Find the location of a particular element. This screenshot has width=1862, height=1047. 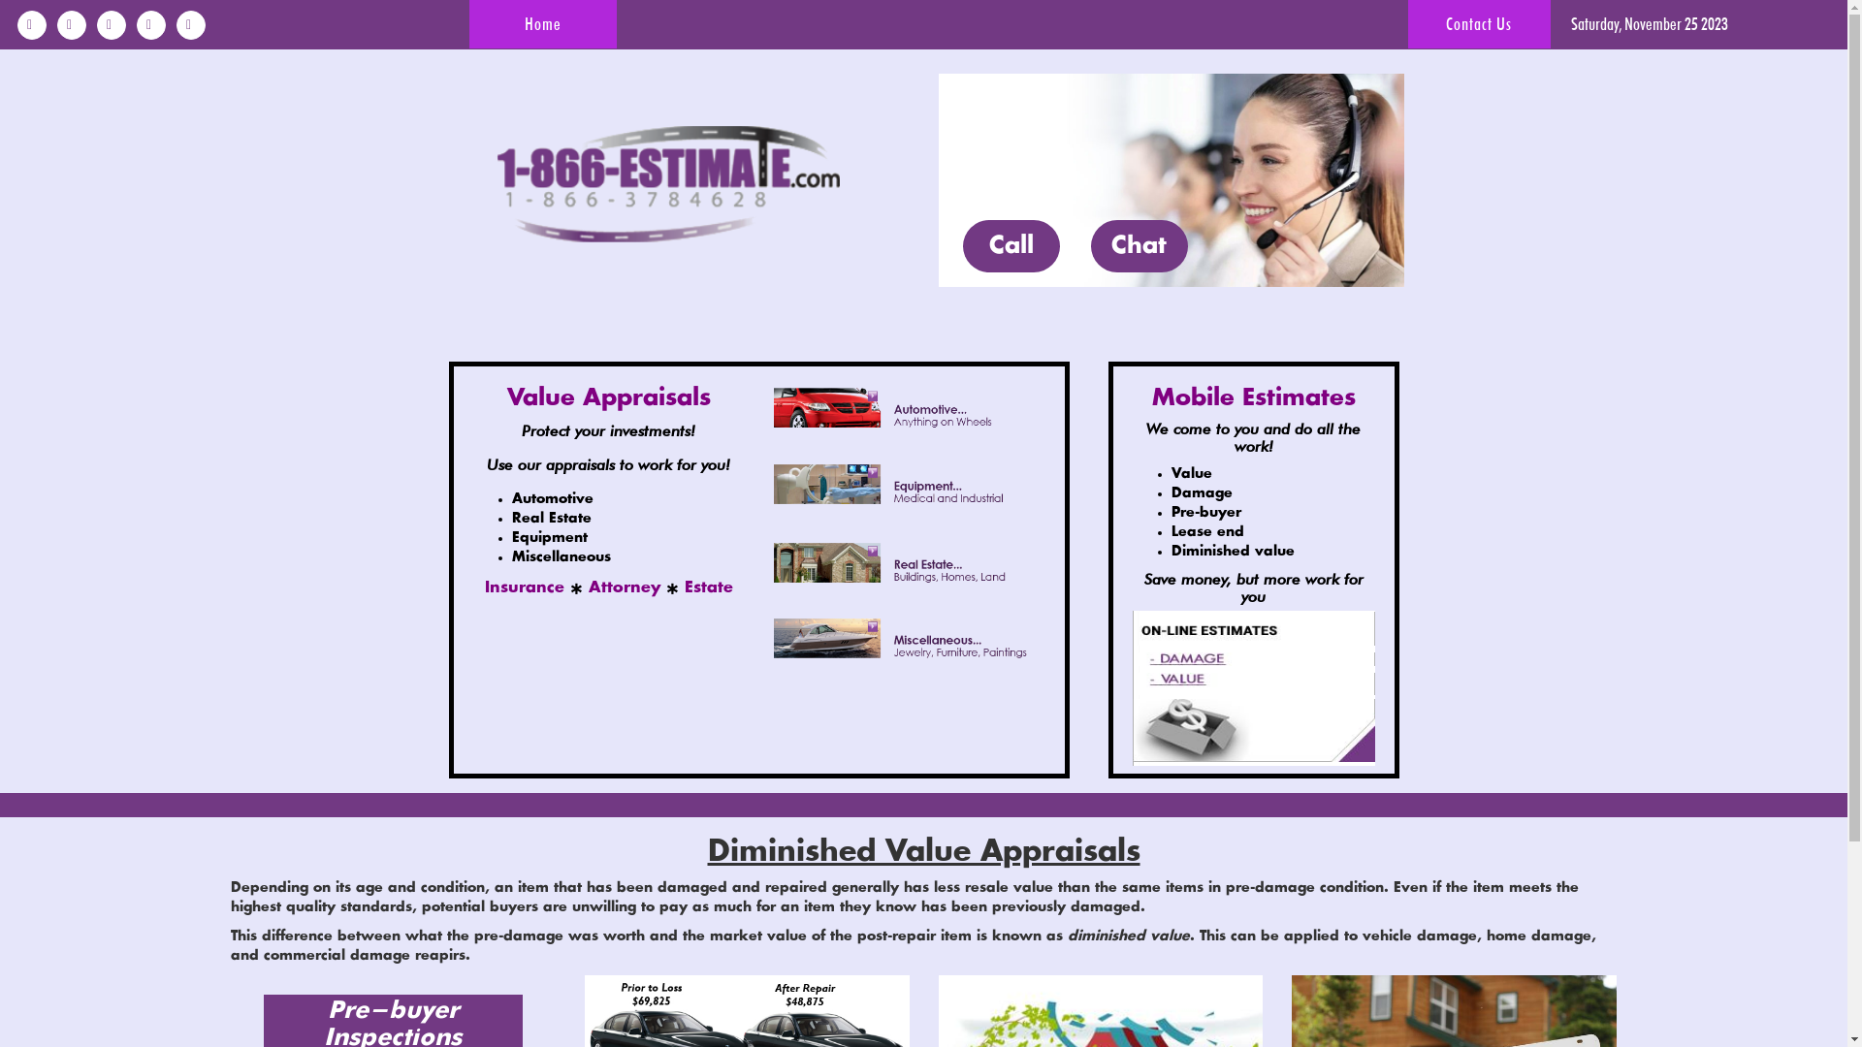

'Contact Us' is located at coordinates (1478, 23).